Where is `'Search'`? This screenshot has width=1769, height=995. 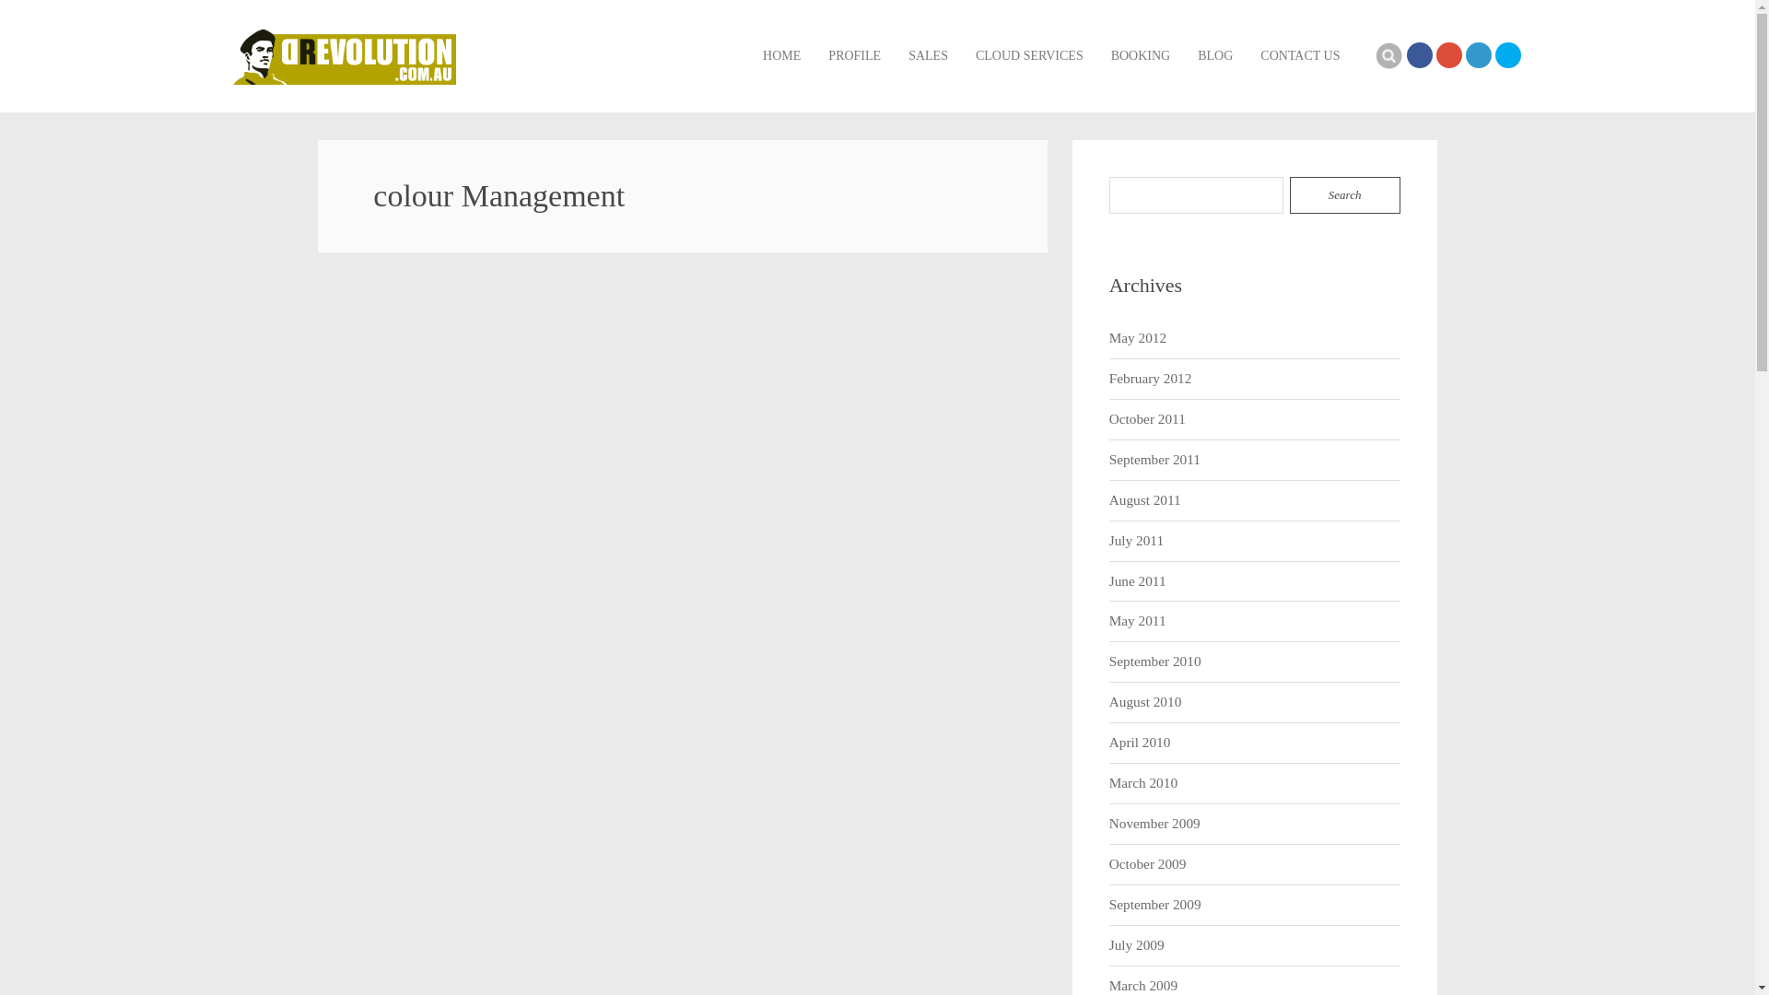 'Search' is located at coordinates (1344, 195).